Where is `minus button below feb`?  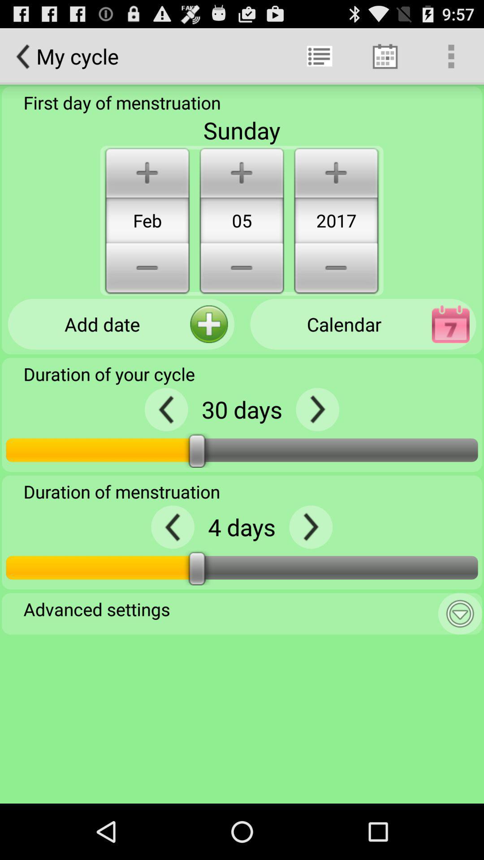 minus button below feb is located at coordinates (147, 269).